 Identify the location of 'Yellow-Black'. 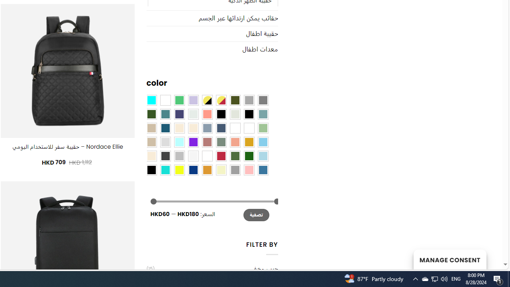
(207, 100).